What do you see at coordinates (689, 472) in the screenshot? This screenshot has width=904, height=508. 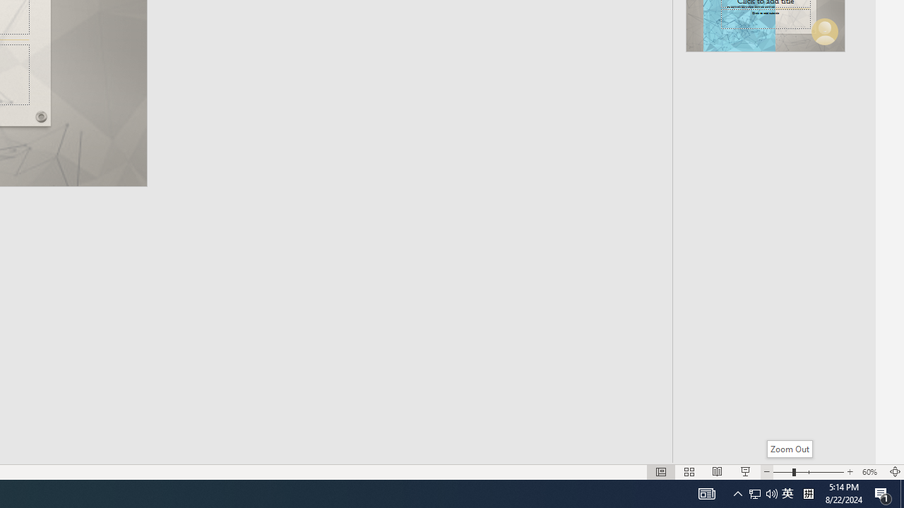 I see `'Slide Sorter'` at bounding box center [689, 472].